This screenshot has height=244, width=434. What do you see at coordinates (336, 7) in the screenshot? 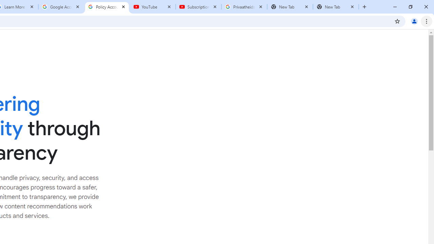
I see `'New Tab'` at bounding box center [336, 7].